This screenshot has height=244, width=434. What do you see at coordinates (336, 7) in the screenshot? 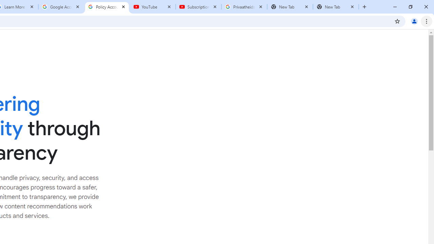
I see `'New Tab'` at bounding box center [336, 7].